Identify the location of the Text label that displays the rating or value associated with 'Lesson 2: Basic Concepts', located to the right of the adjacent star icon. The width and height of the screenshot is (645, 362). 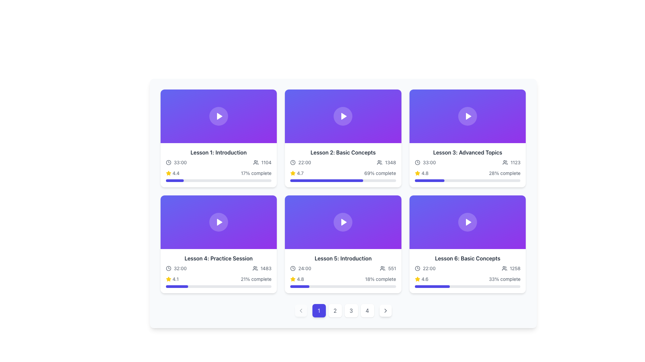
(300, 173).